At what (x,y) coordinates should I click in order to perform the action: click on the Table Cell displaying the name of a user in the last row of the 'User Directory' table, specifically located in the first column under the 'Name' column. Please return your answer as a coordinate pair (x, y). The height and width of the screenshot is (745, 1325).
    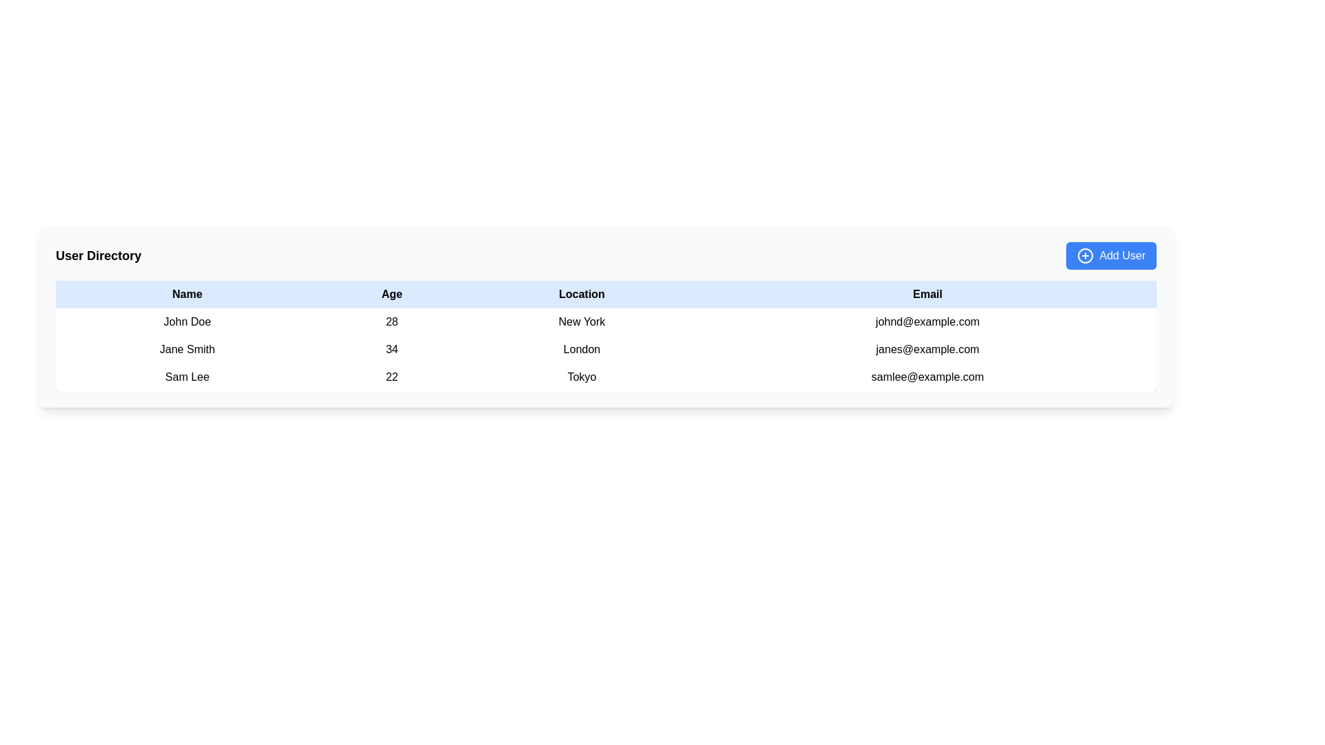
    Looking at the image, I should click on (186, 377).